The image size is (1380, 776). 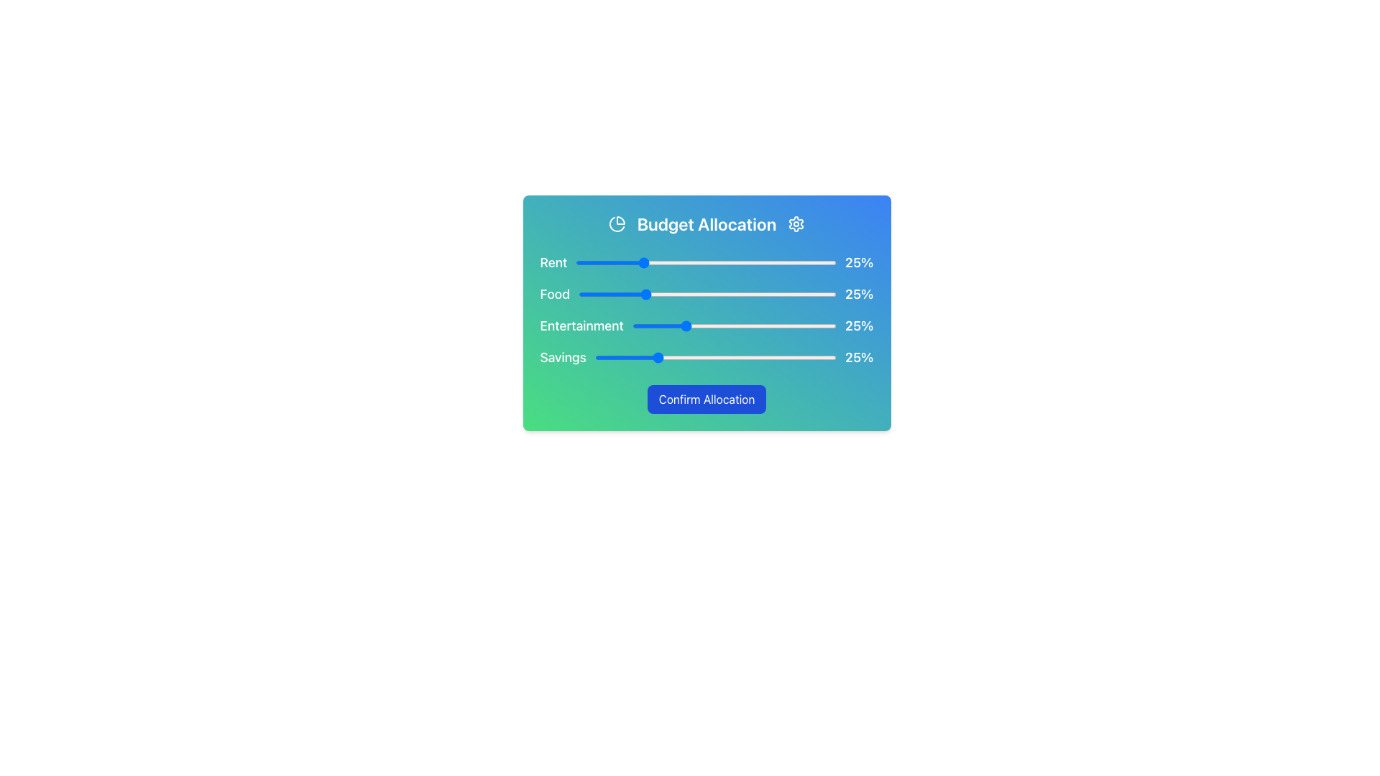 I want to click on the Savings slider, so click(x=664, y=356).